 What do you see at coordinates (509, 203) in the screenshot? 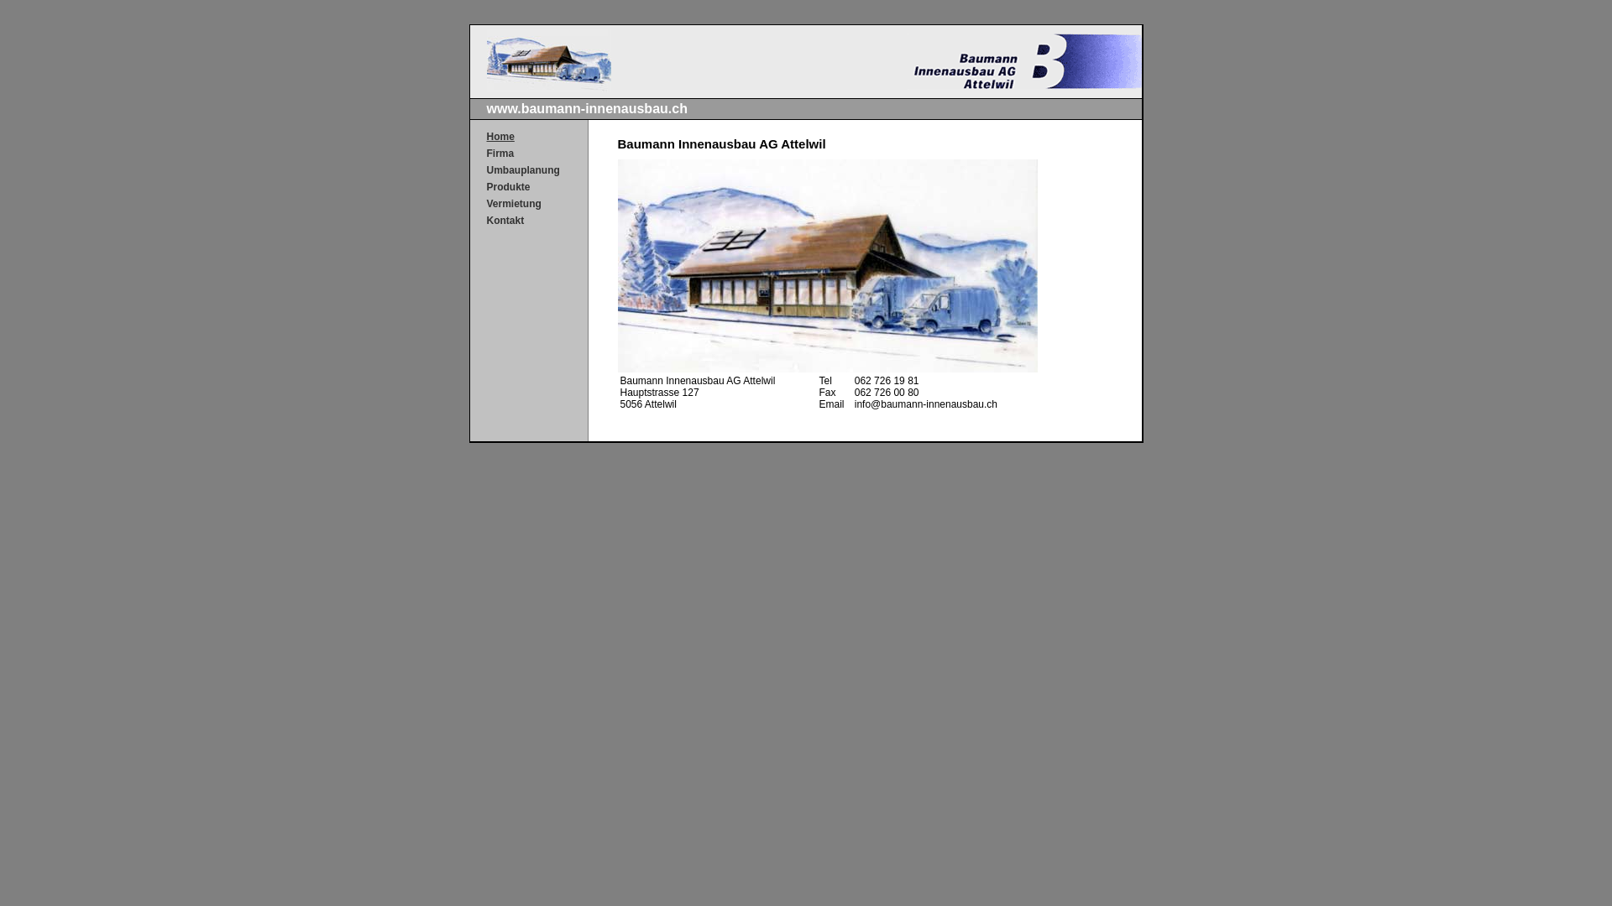
I see `'Vermietung'` at bounding box center [509, 203].